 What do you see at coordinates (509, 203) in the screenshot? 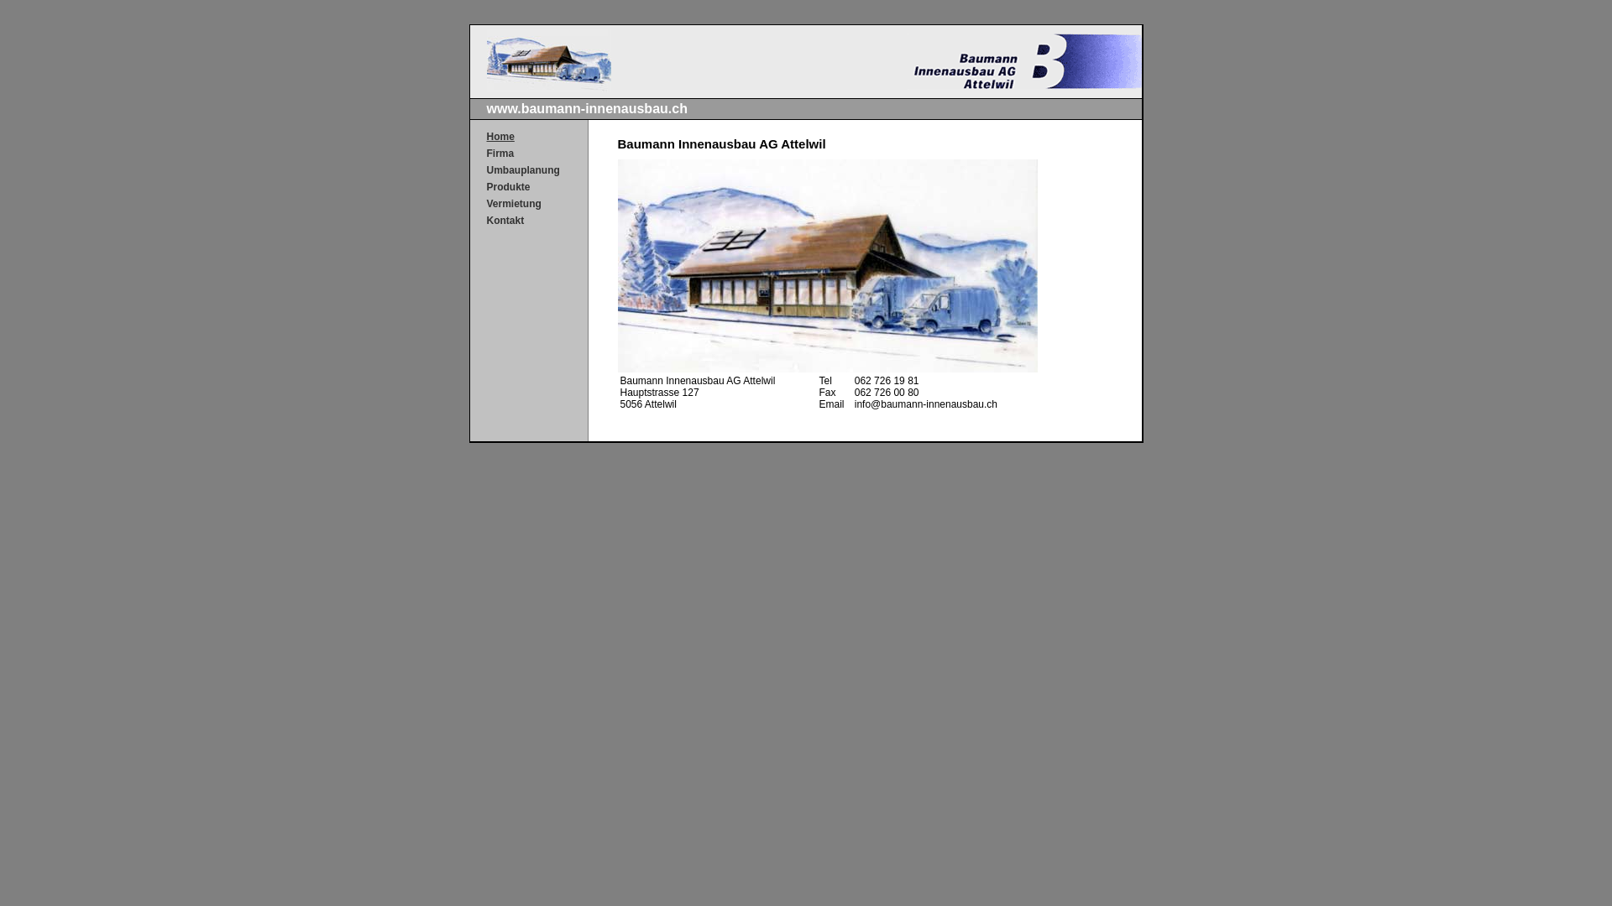
I see `'Vermietung'` at bounding box center [509, 203].